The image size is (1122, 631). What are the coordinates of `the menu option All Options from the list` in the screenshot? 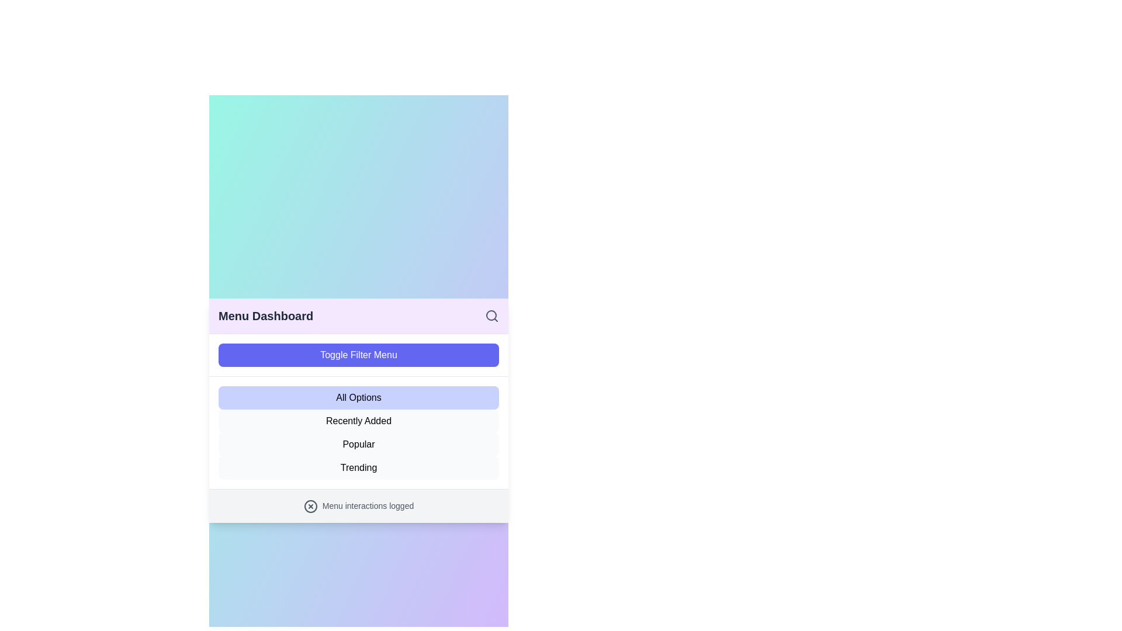 It's located at (358, 397).